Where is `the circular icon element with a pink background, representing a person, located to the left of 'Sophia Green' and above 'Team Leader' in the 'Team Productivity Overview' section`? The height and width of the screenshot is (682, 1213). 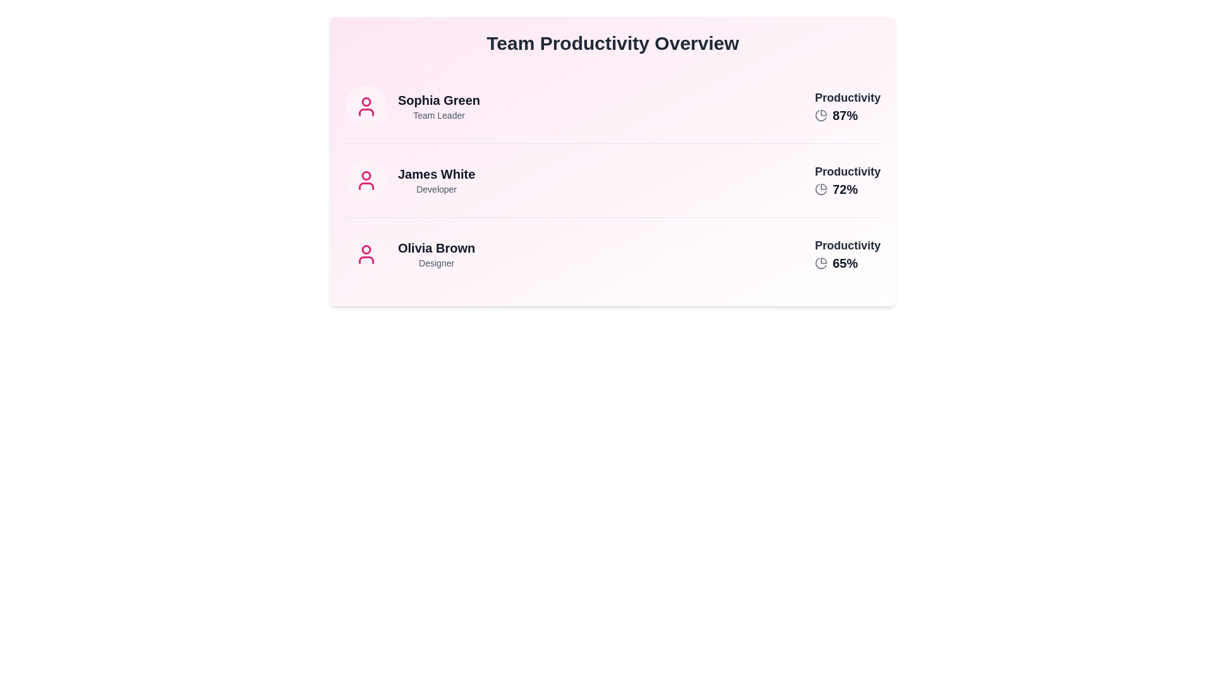 the circular icon element with a pink background, representing a person, located to the left of 'Sophia Green' and above 'Team Leader' in the 'Team Productivity Overview' section is located at coordinates (366, 106).